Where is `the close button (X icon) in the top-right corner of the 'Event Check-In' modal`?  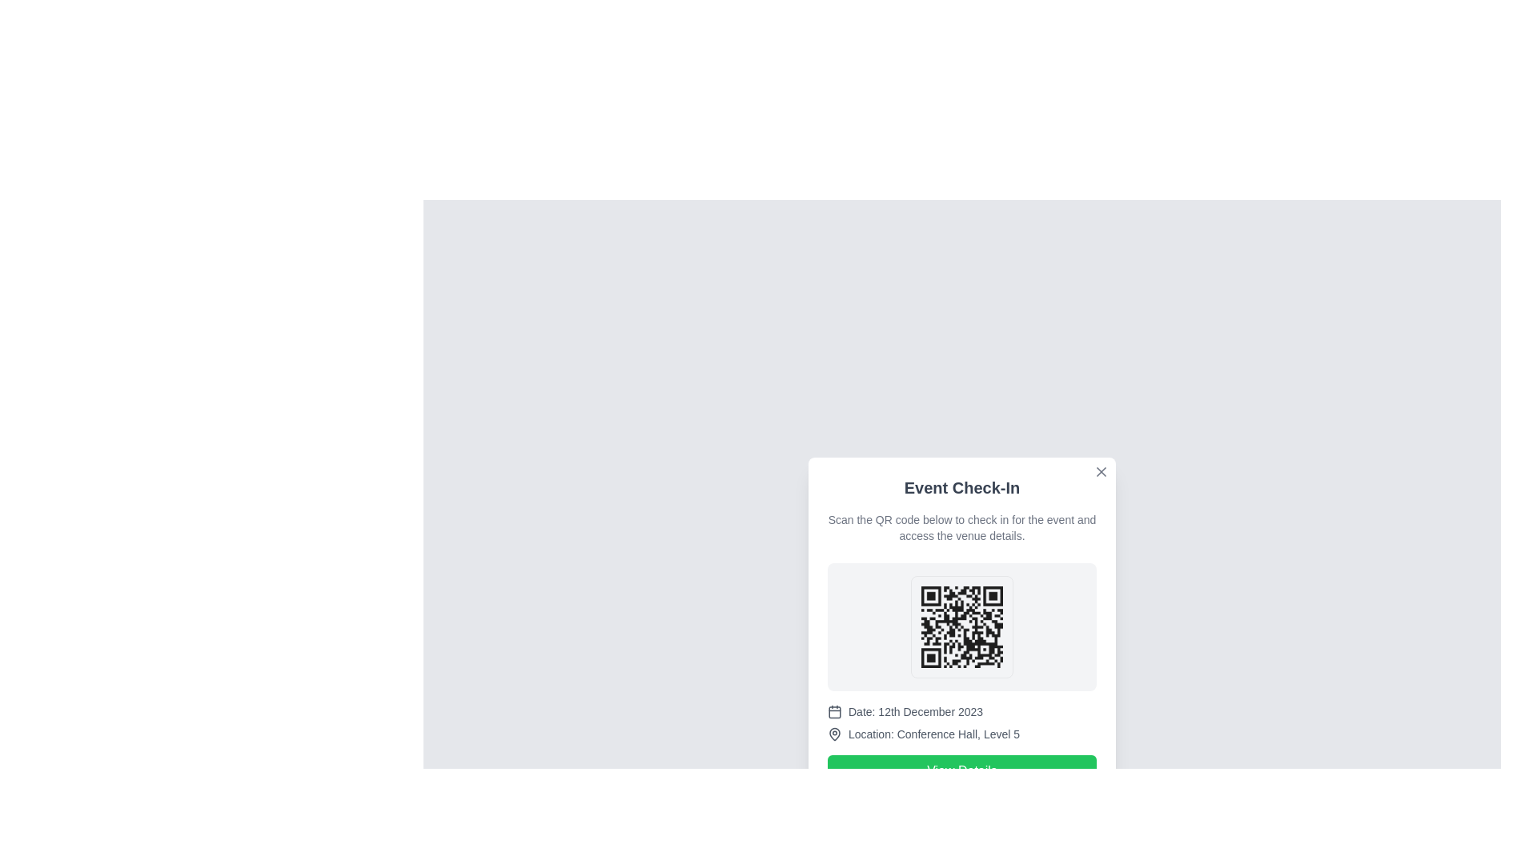 the close button (X icon) in the top-right corner of the 'Event Check-In' modal is located at coordinates (1101, 471).